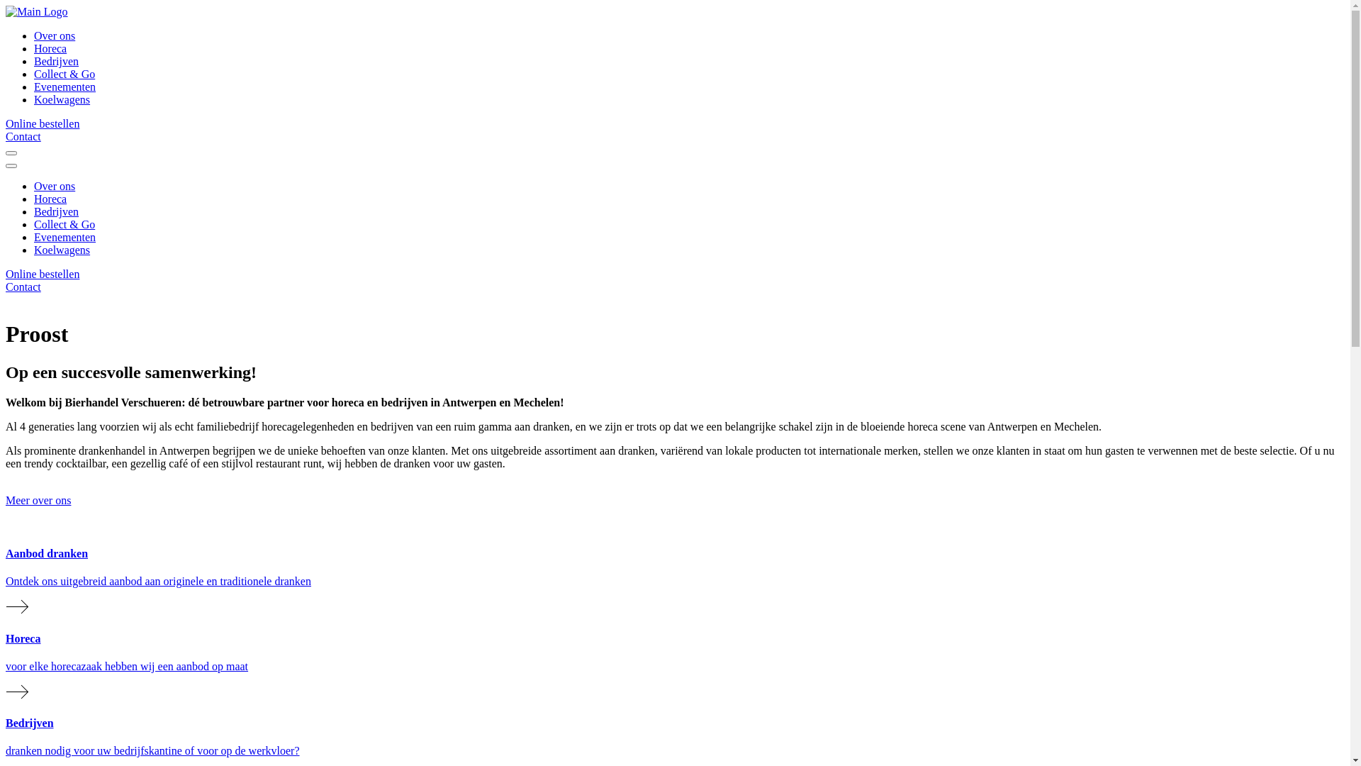 The image size is (1361, 766). Describe the element at coordinates (6, 136) in the screenshot. I see `'Contact'` at that location.